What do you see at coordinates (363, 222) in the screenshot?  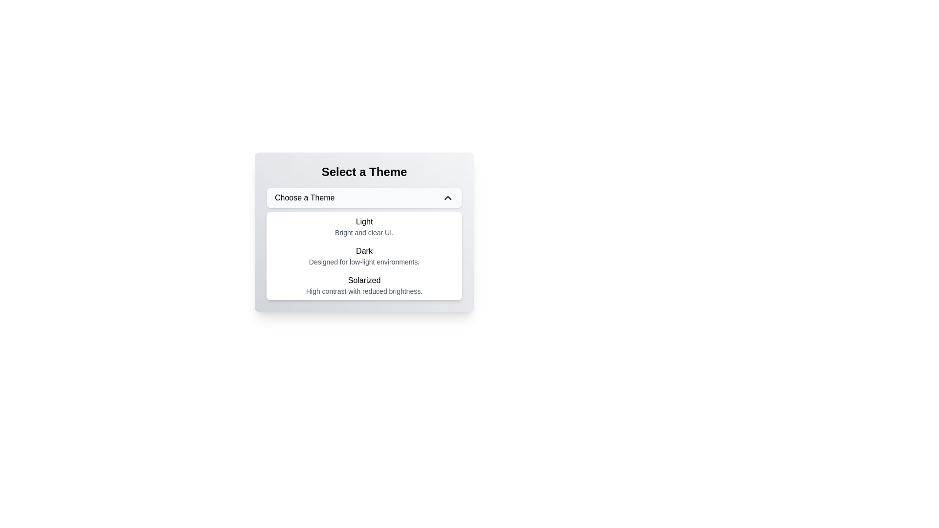 I see `the first text label indicating a theme option for 'Bright and clear UI' under the 'Select a Theme' header` at bounding box center [363, 222].